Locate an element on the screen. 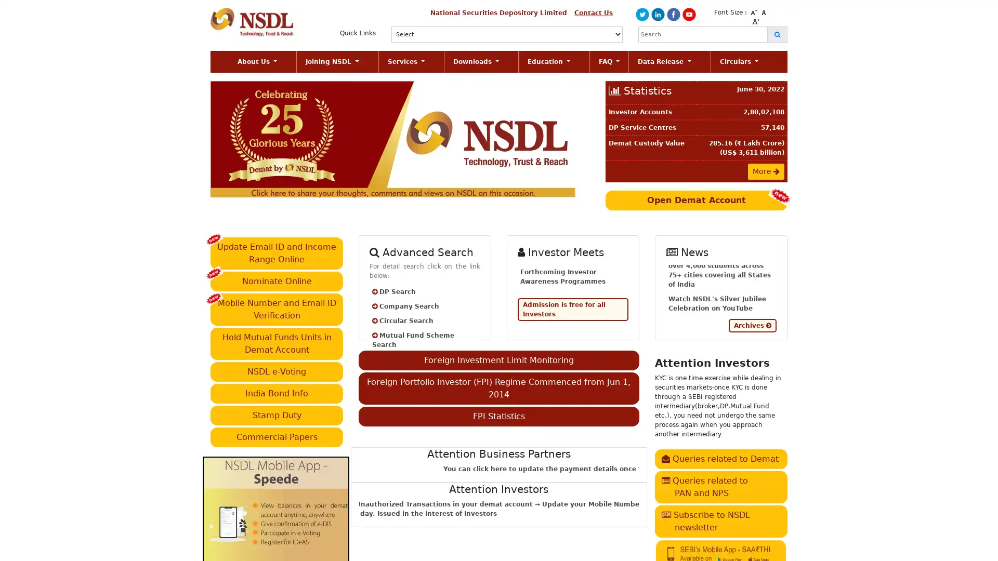 Image resolution: width=998 pixels, height=561 pixels. Foreign Investment Limit Monitoring is located at coordinates (498, 359).